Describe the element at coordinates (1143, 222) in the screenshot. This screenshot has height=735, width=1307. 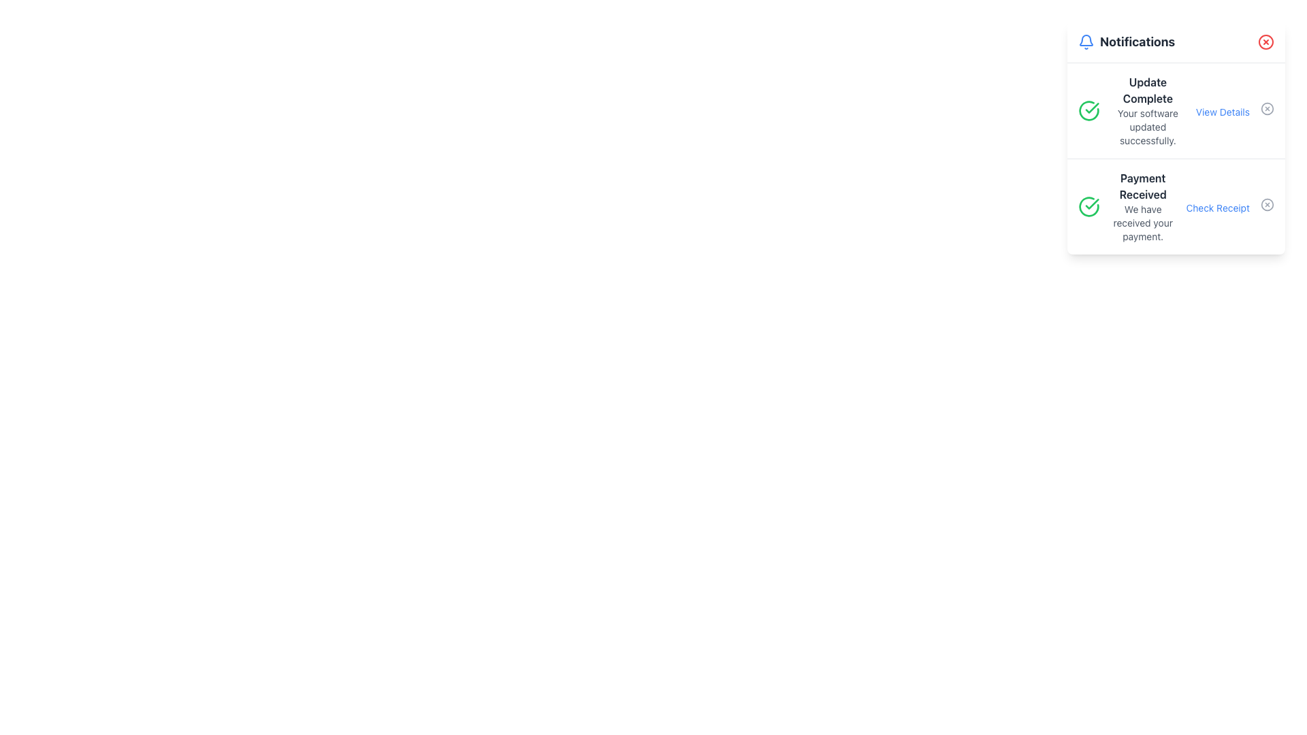
I see `the descriptive text related to the payment receipt notification located in the lower right of the page, positioned below 'Payment Received'` at that location.